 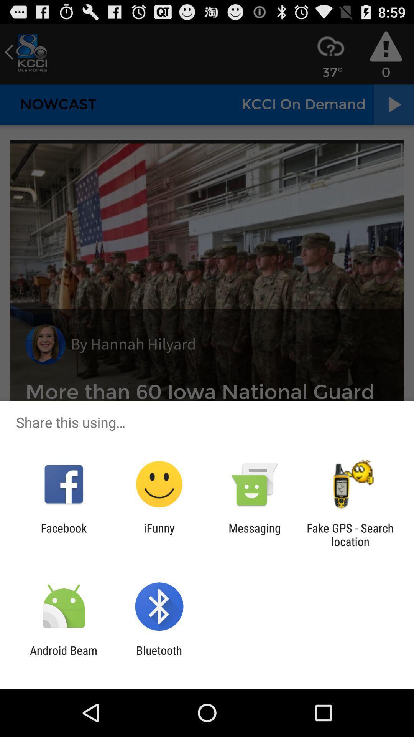 I want to click on facebook, so click(x=63, y=534).